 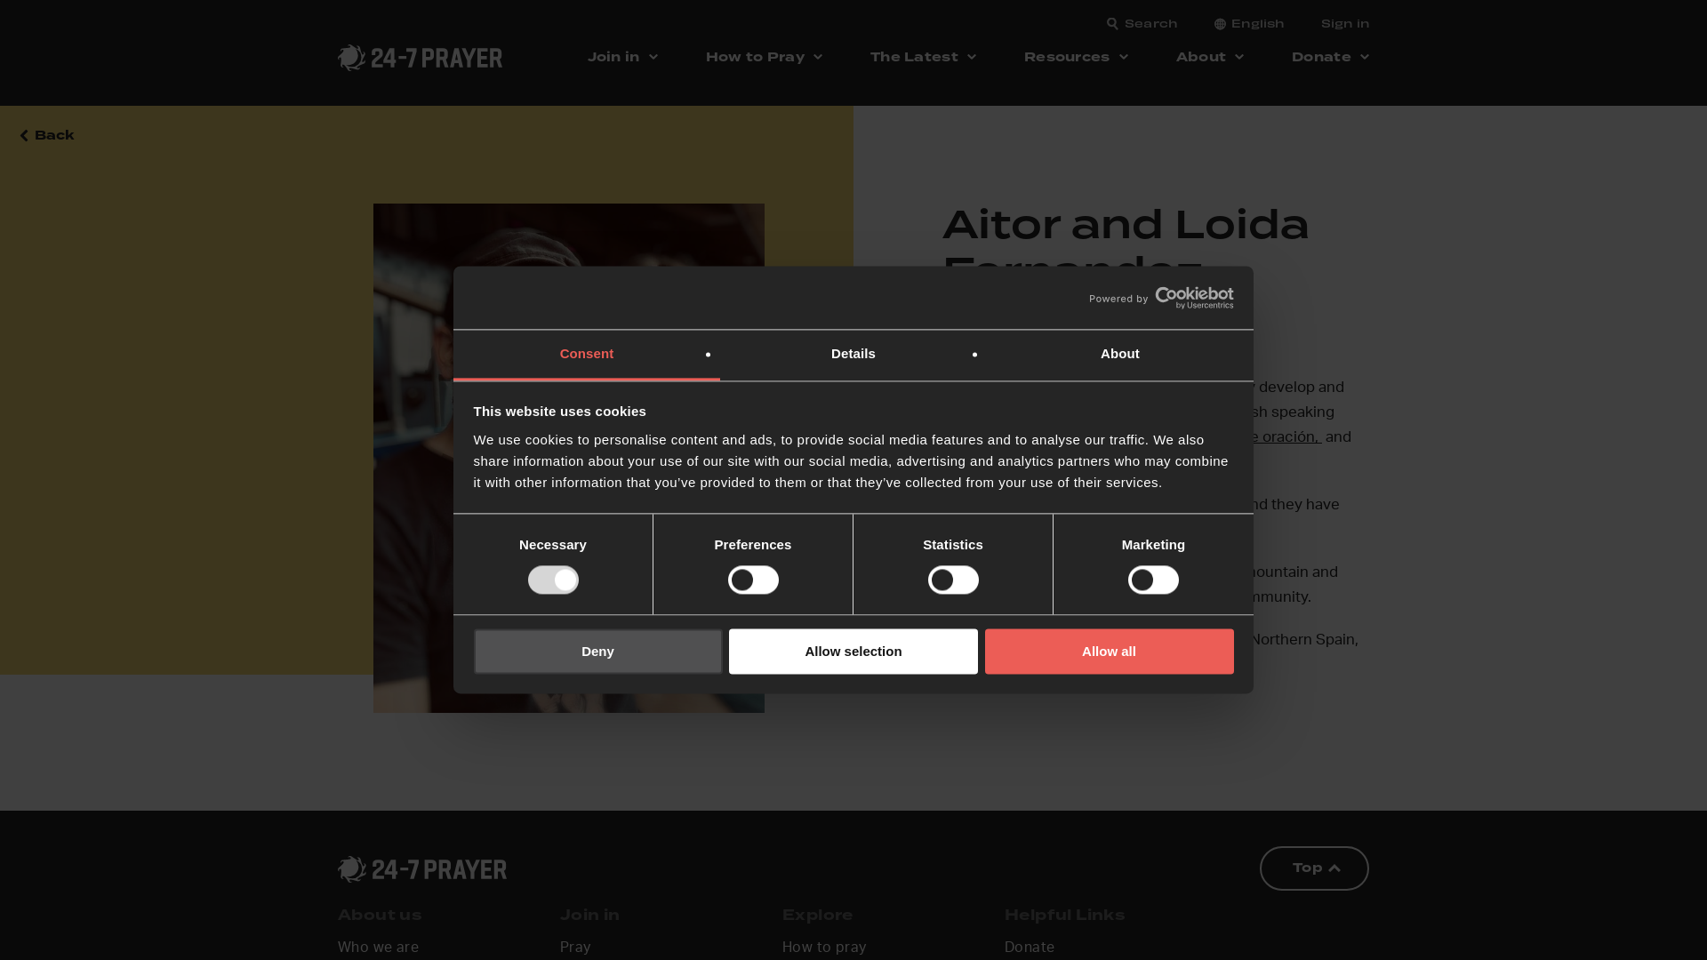 I want to click on 'Sign in', so click(x=1344, y=23).